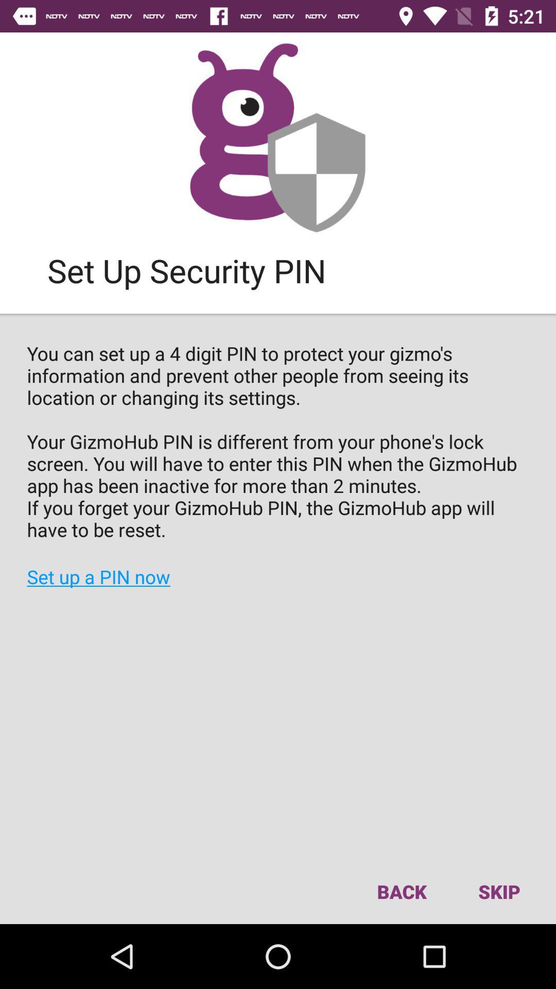 The width and height of the screenshot is (556, 989). What do you see at coordinates (498, 891) in the screenshot?
I see `item to the right of the back` at bounding box center [498, 891].